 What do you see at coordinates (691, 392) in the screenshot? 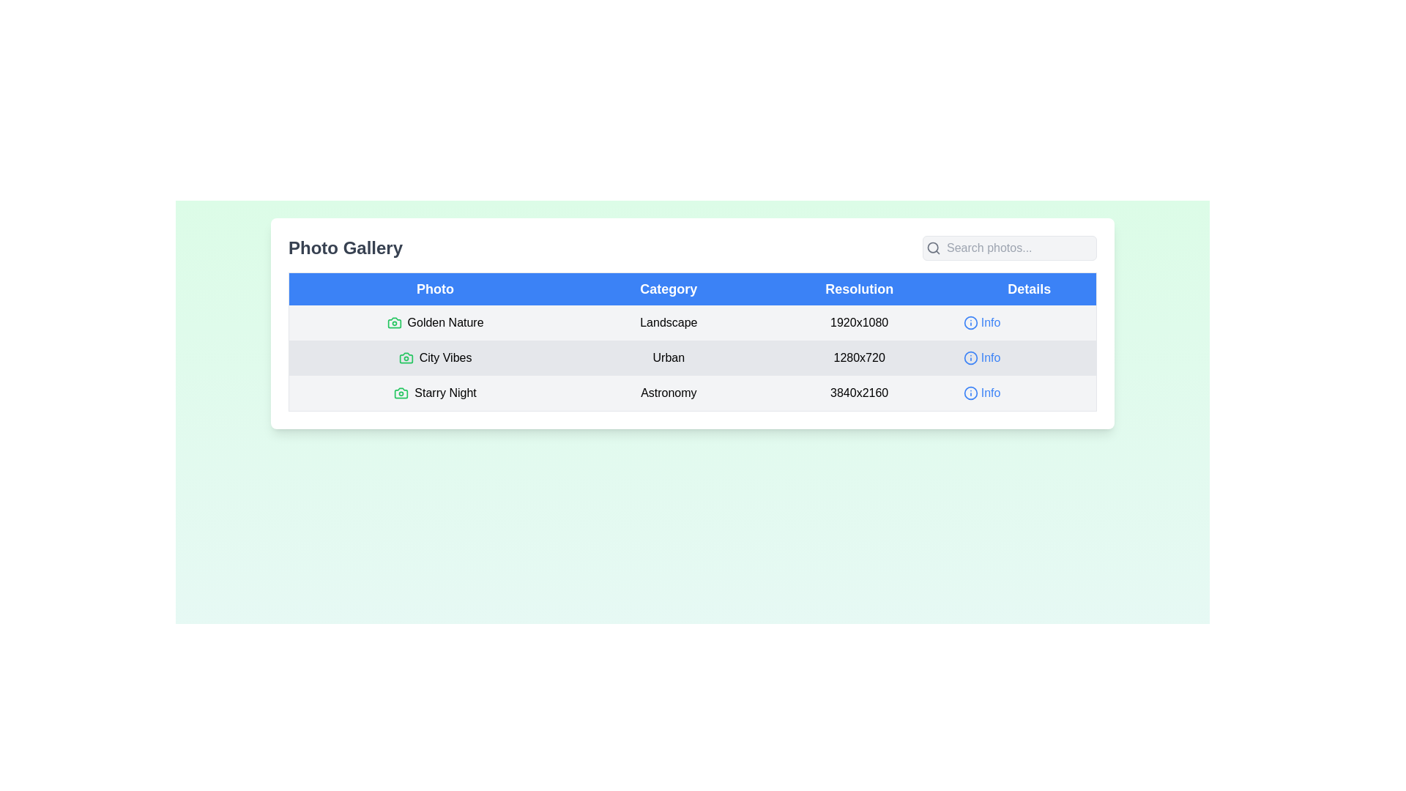
I see `the static text element reading 'Astronomy' in the 'Category' column of the table, which is in the third row, aligned with 'Starry Night' and '3840x2160'` at bounding box center [691, 392].